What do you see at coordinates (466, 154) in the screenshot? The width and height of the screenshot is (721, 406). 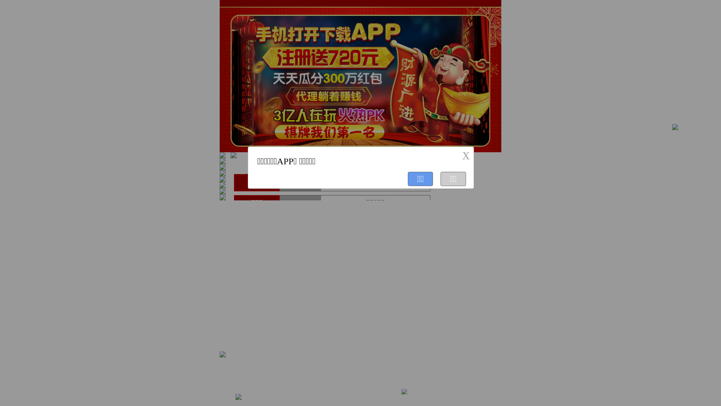 I see `'x'` at bounding box center [466, 154].